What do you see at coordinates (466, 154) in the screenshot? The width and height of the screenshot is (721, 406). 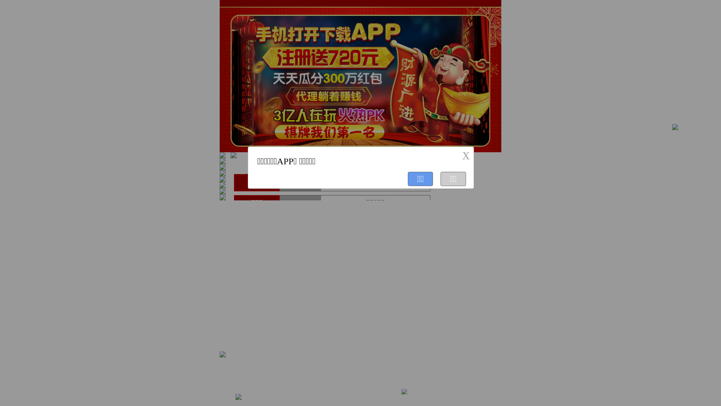 I see `'x'` at bounding box center [466, 154].